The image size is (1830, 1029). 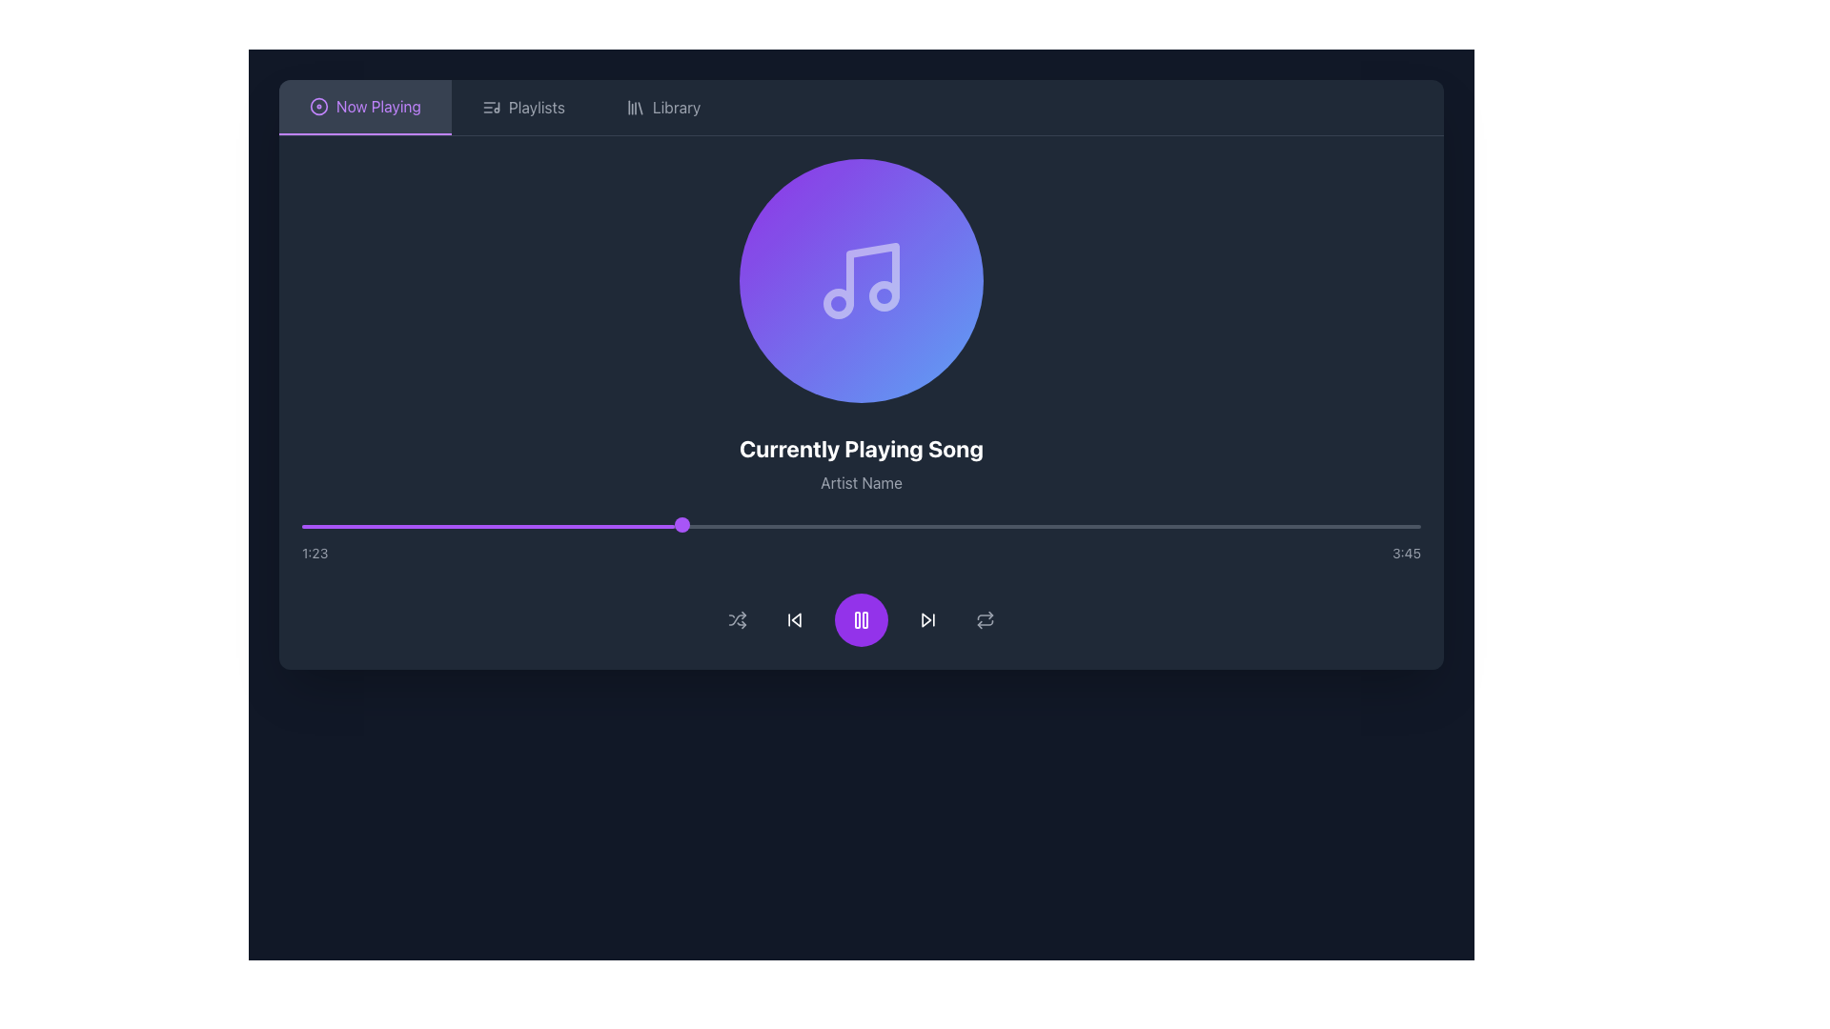 What do you see at coordinates (663, 107) in the screenshot?
I see `the navigation button that directs to the library section, located as the third item in the navigation bar` at bounding box center [663, 107].